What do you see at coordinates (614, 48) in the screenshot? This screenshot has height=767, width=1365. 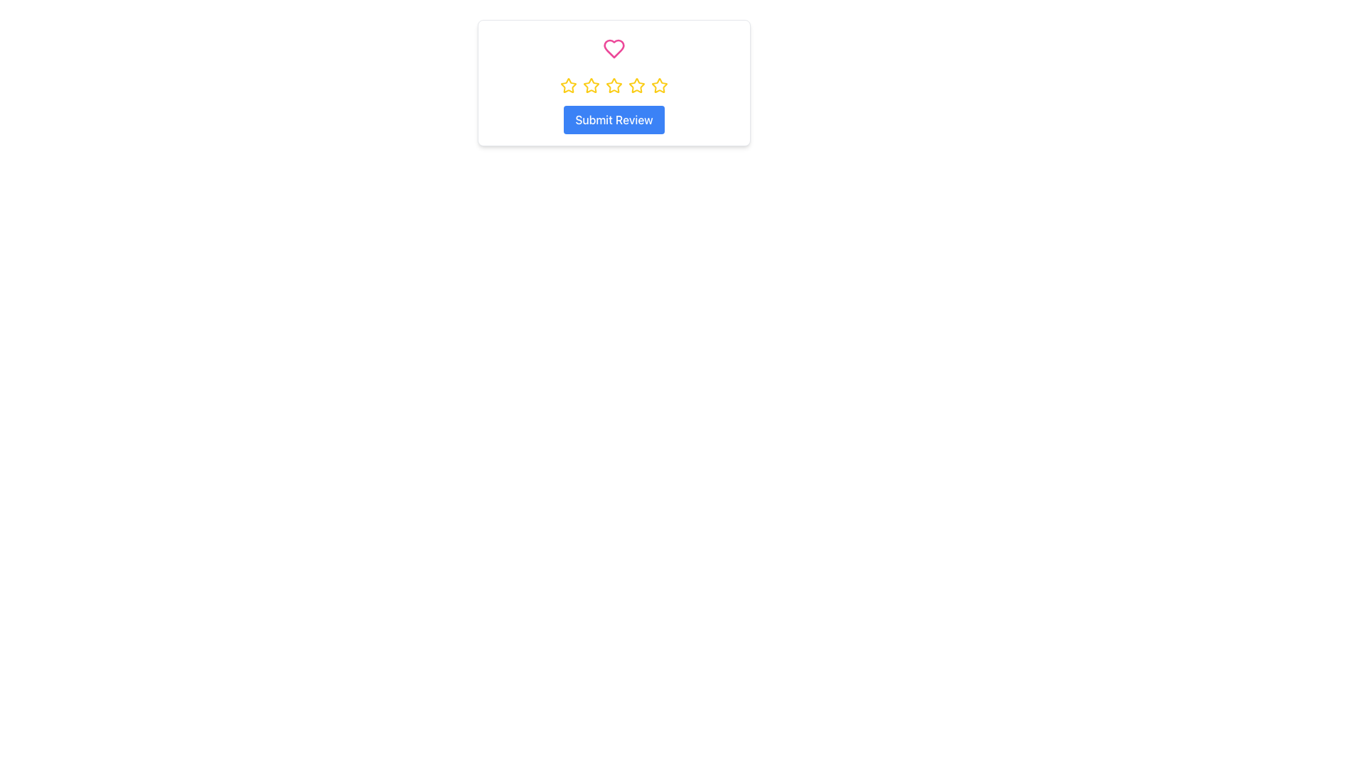 I see `the heart icon used as a decoration or symbolic representation, which is part of a larger interactive button located at the top of the interface` at bounding box center [614, 48].